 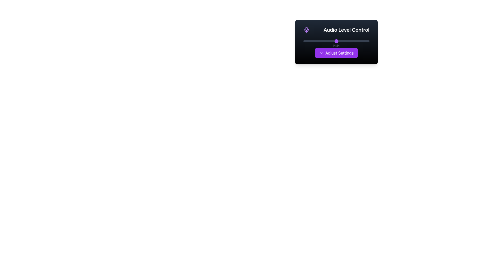 I want to click on the slider value, so click(x=350, y=41).